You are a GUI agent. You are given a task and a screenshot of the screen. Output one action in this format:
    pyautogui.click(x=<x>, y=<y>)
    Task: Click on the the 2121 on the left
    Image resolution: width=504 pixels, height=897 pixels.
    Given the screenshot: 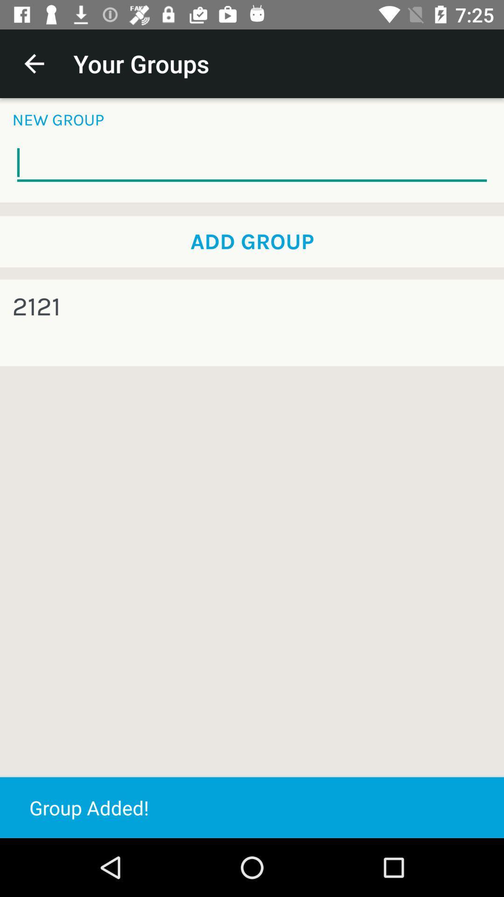 What is the action you would take?
    pyautogui.click(x=35, y=307)
    